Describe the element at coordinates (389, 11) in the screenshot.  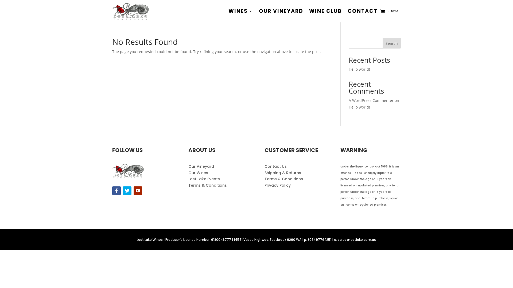
I see `'0 Items'` at that location.